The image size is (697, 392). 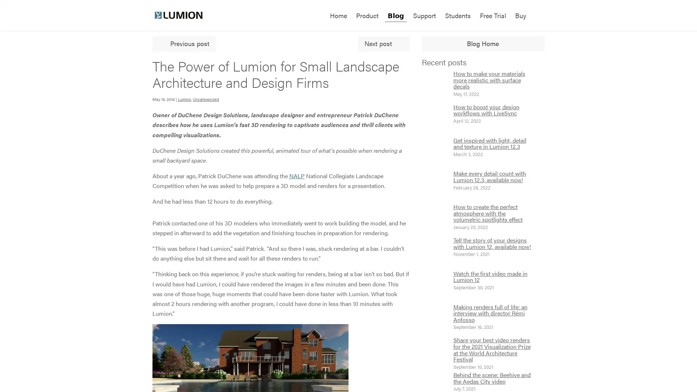 What do you see at coordinates (74, 364) in the screenshot?
I see `Cookie Settings` at bounding box center [74, 364].